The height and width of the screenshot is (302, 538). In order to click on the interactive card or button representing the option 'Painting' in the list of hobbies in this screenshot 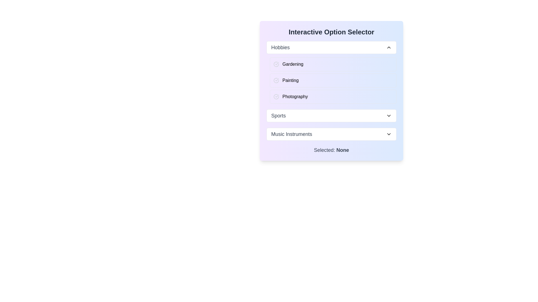, I will do `click(331, 81)`.